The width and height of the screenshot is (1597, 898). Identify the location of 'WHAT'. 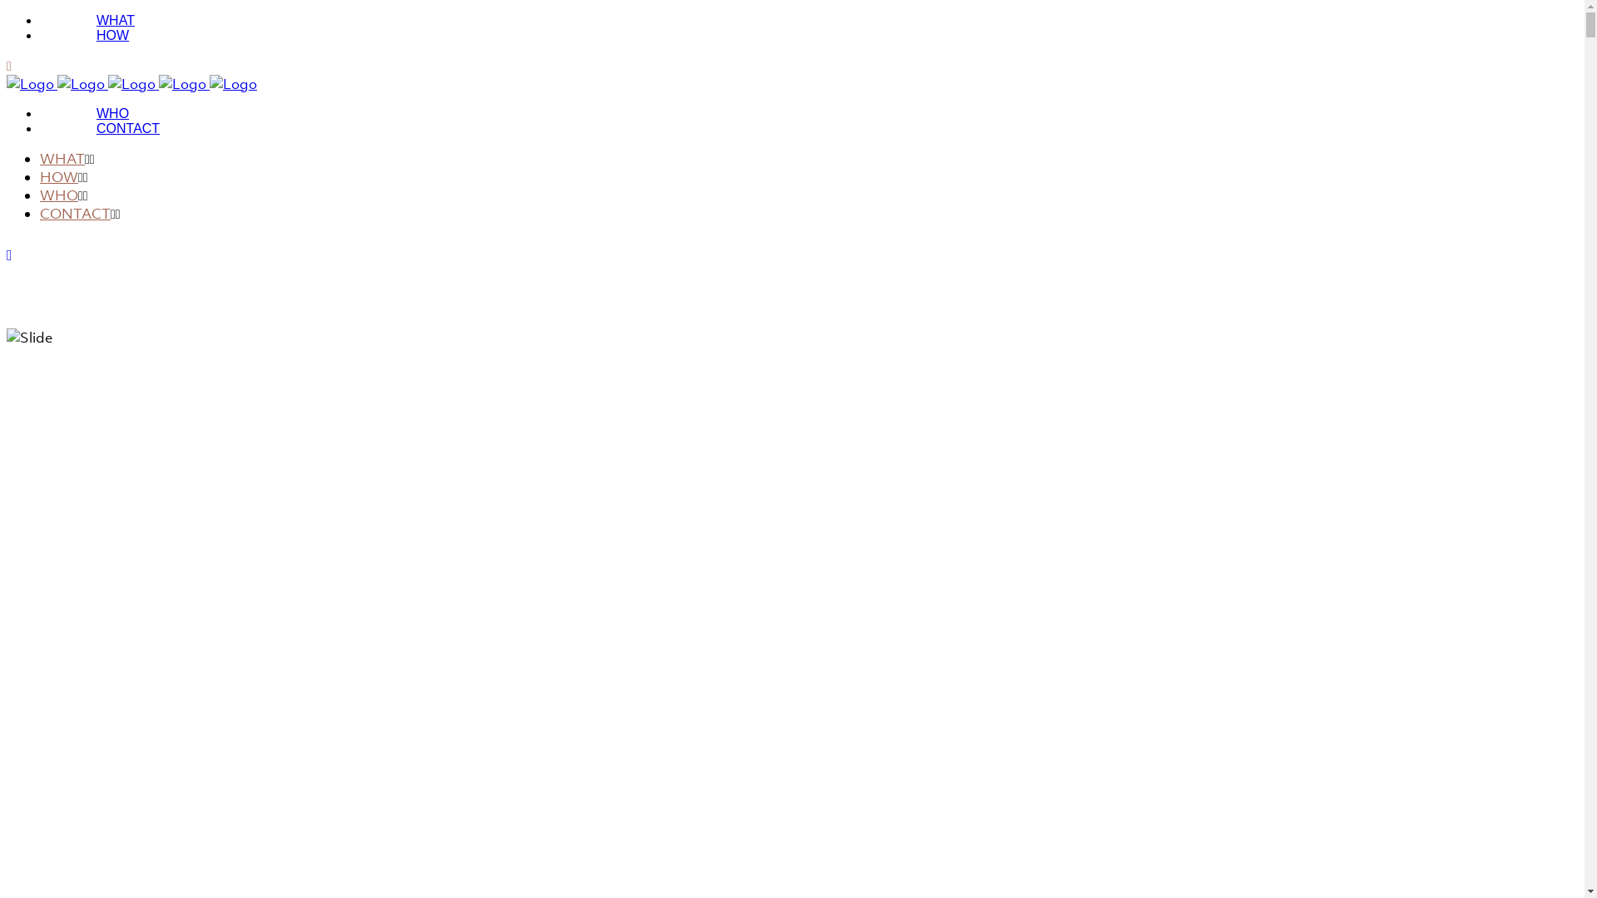
(115, 20).